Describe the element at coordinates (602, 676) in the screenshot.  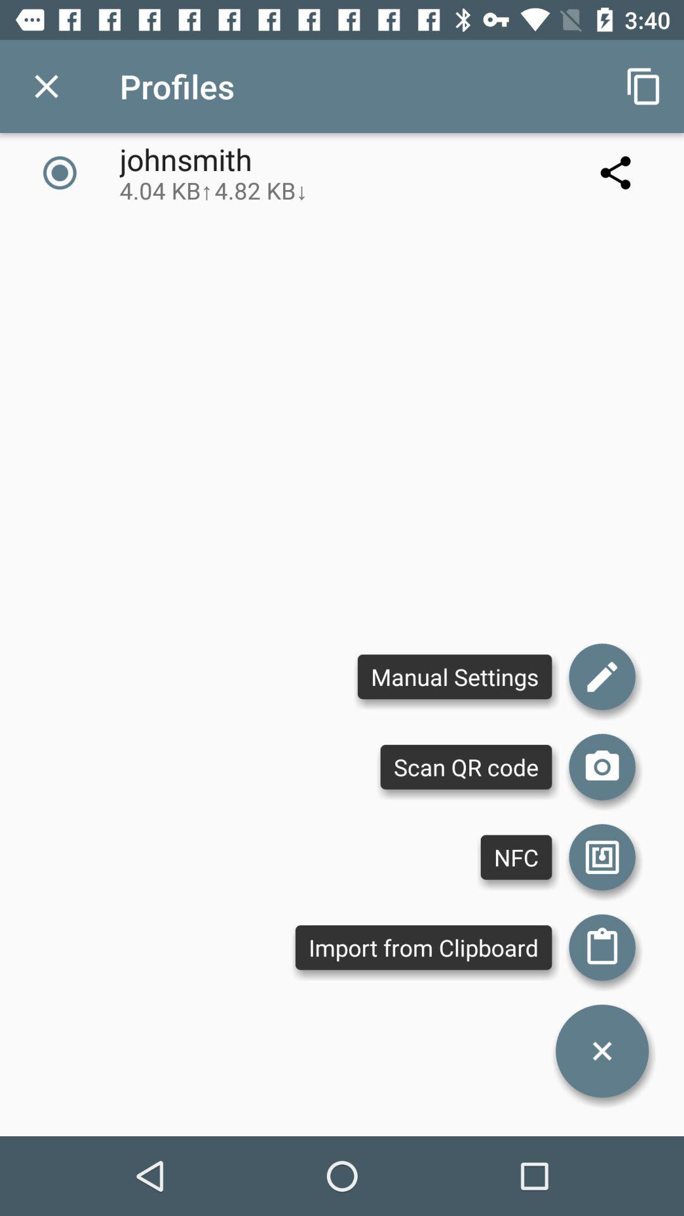
I see `manual setting option` at that location.